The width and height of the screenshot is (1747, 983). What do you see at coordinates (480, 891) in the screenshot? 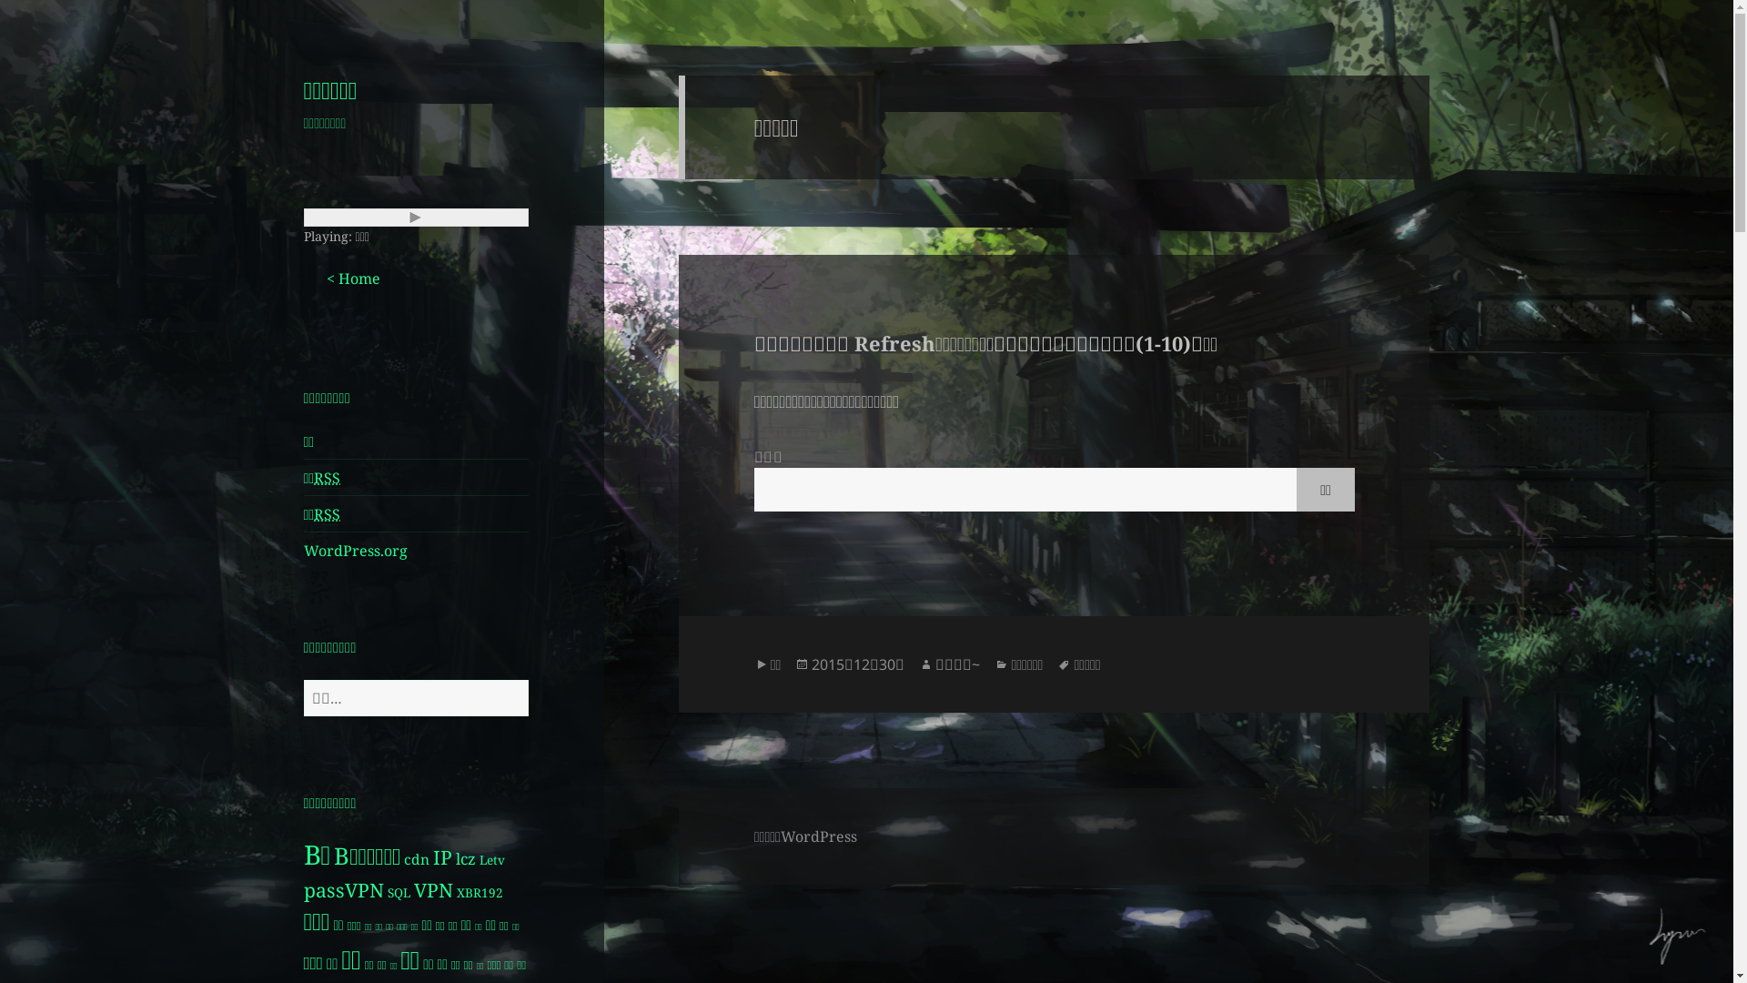
I see `'XBR192'` at bounding box center [480, 891].